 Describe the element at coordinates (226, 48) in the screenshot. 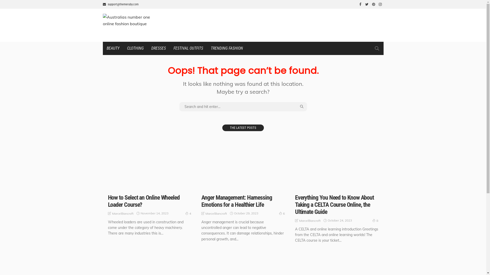

I see `'TRENDING FASHION'` at that location.